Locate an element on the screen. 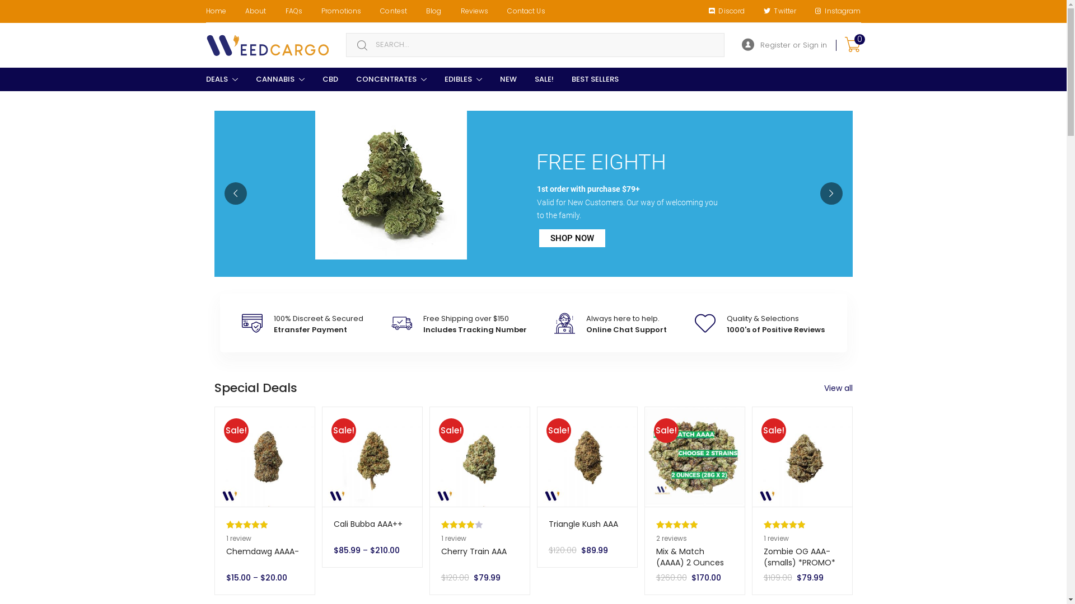  'BEST SELLERS' is located at coordinates (593, 79).